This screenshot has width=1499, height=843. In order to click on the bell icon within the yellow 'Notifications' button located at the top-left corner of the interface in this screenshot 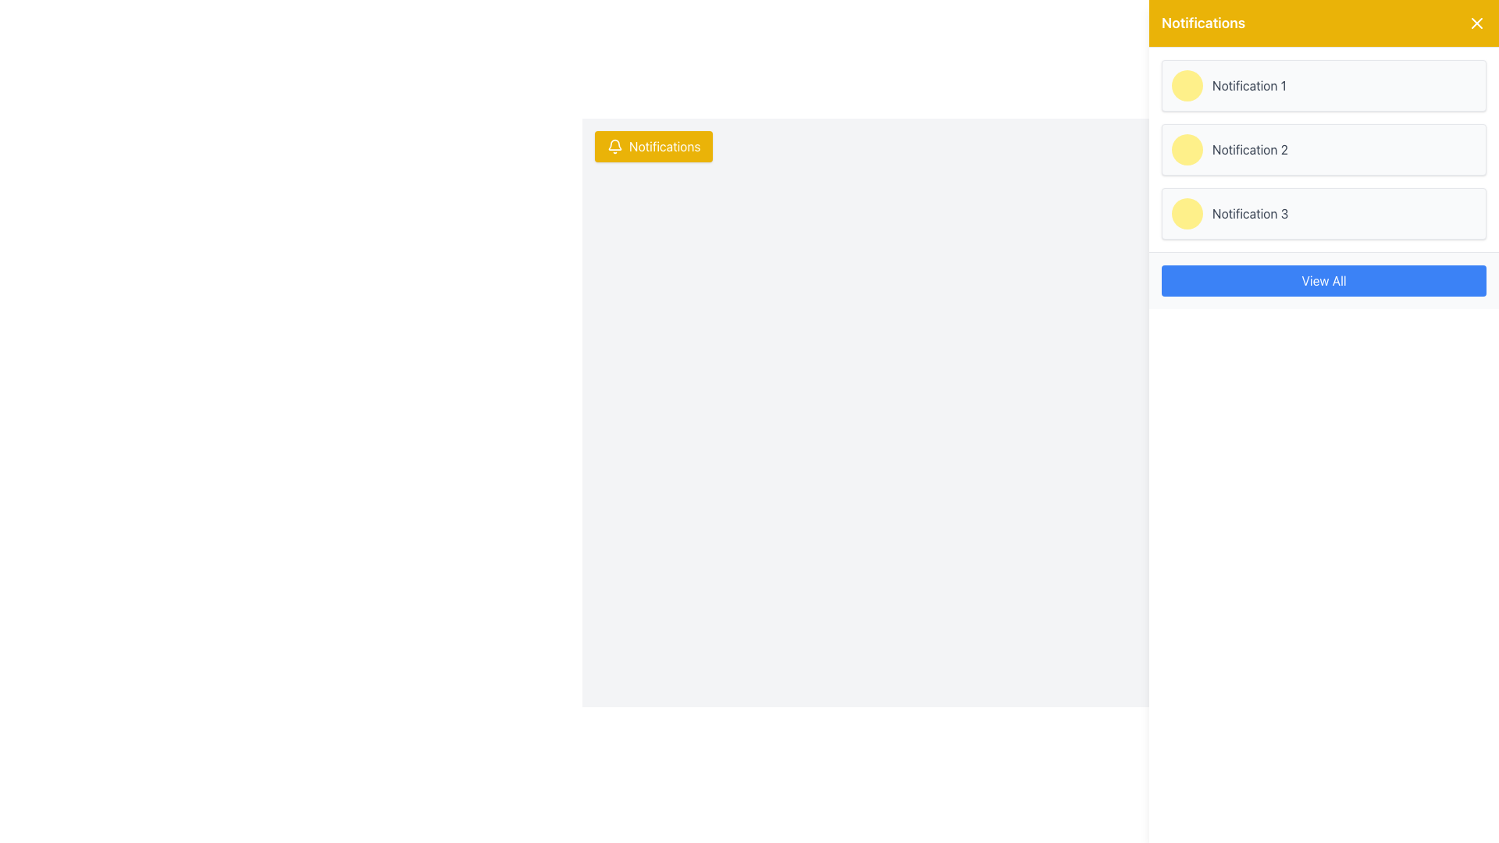, I will do `click(614, 147)`.